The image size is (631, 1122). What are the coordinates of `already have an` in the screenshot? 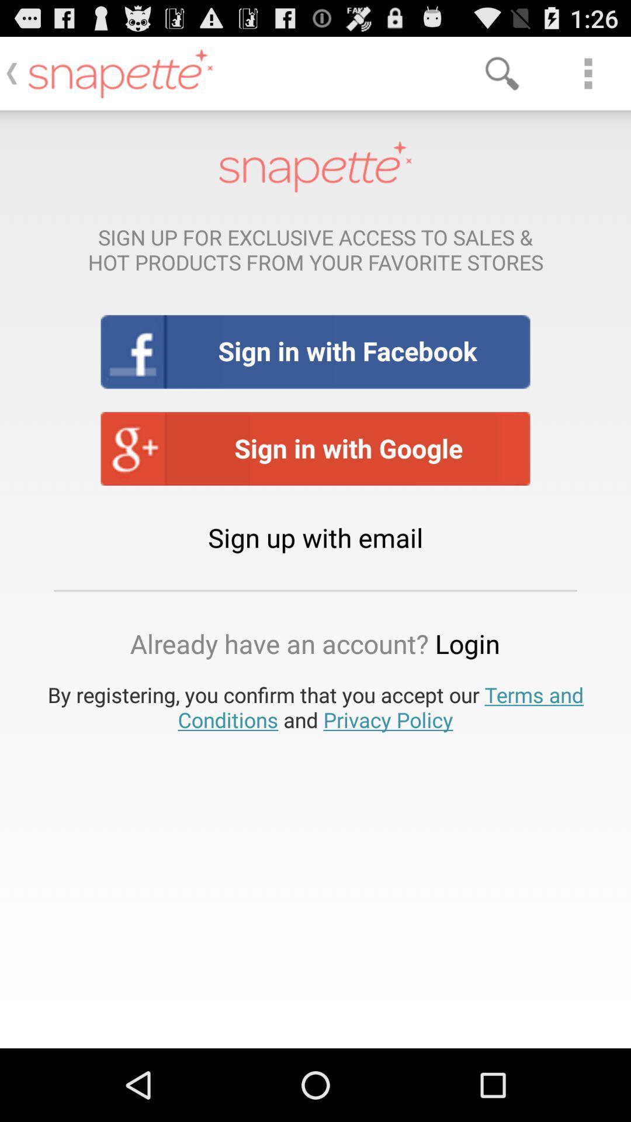 It's located at (314, 643).